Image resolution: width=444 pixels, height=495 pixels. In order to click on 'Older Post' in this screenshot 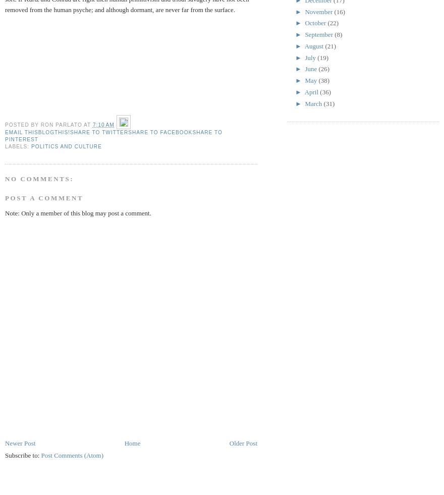, I will do `click(228, 443)`.